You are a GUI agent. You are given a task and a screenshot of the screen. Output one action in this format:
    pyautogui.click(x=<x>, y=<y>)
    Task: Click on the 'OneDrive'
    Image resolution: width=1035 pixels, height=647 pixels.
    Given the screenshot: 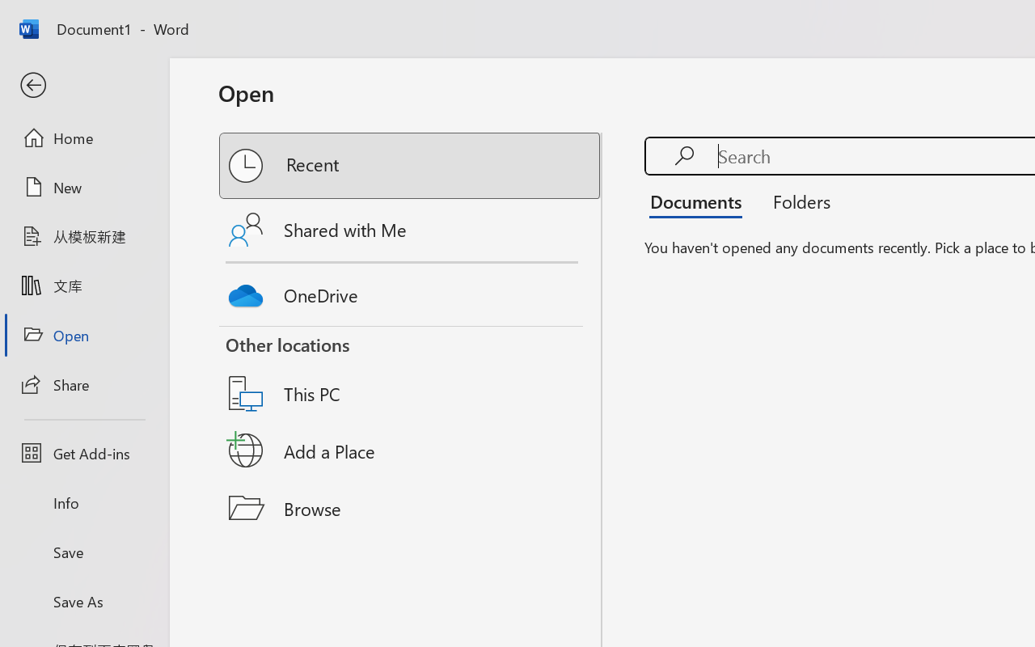 What is the action you would take?
    pyautogui.click(x=411, y=291)
    